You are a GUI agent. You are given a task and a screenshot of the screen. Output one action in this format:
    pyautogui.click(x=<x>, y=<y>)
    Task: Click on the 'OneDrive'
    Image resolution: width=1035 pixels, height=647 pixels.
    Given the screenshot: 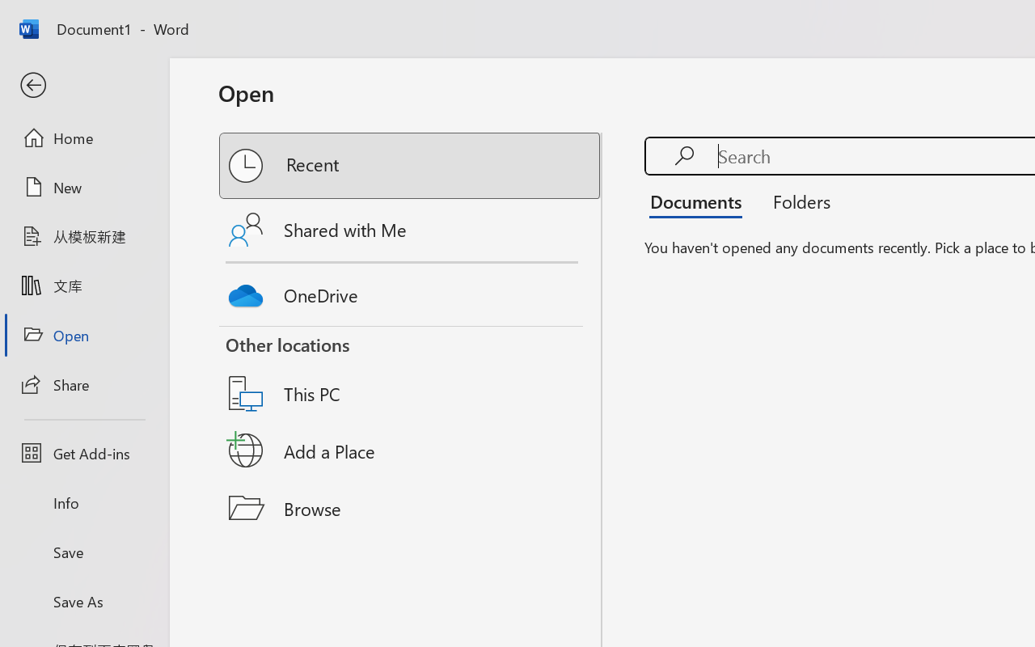 What is the action you would take?
    pyautogui.click(x=411, y=291)
    